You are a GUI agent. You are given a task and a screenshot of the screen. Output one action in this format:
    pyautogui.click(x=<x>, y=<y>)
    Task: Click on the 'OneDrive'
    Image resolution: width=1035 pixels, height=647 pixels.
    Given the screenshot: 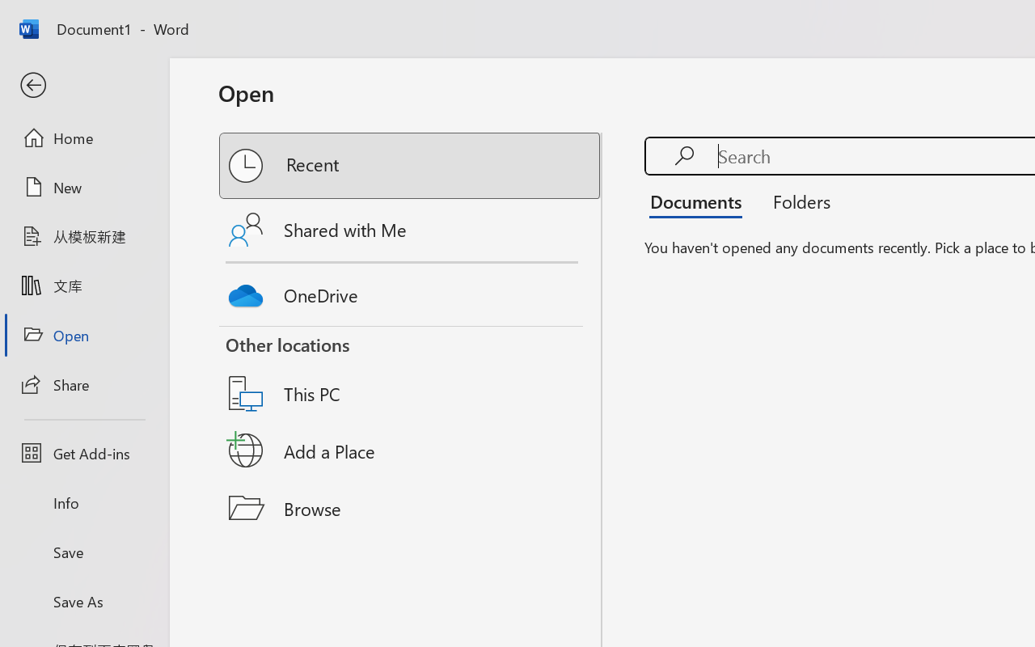 What is the action you would take?
    pyautogui.click(x=411, y=291)
    